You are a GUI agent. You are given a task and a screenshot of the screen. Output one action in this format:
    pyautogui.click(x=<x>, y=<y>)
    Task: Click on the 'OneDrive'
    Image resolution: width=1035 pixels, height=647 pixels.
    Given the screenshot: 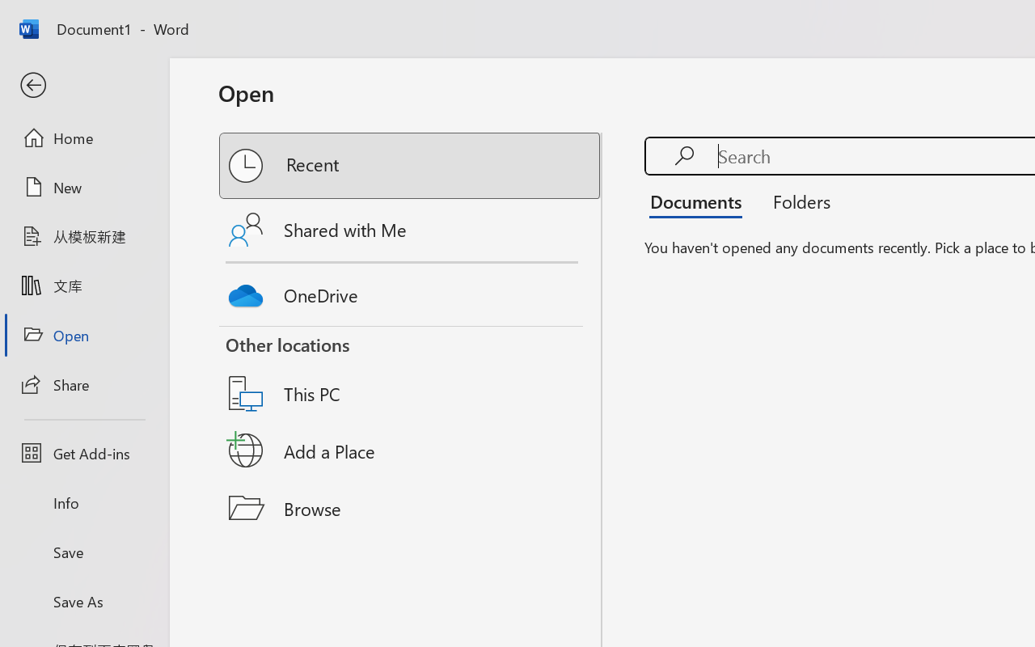 What is the action you would take?
    pyautogui.click(x=411, y=291)
    